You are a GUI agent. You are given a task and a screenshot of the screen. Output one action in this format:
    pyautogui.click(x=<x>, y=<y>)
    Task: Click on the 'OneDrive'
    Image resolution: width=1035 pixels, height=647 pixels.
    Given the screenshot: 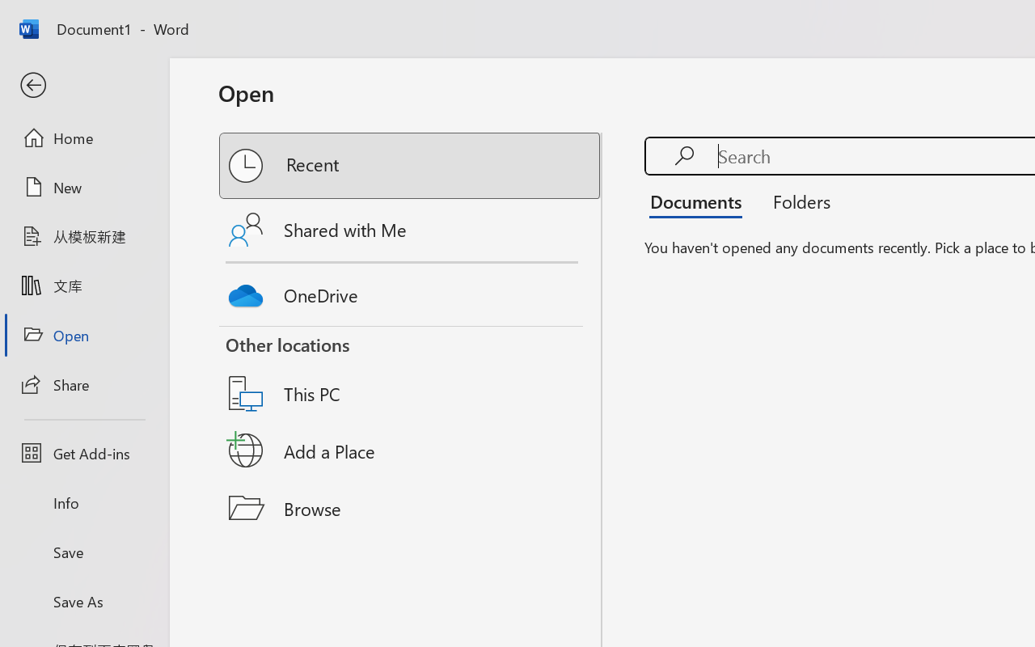 What is the action you would take?
    pyautogui.click(x=411, y=291)
    